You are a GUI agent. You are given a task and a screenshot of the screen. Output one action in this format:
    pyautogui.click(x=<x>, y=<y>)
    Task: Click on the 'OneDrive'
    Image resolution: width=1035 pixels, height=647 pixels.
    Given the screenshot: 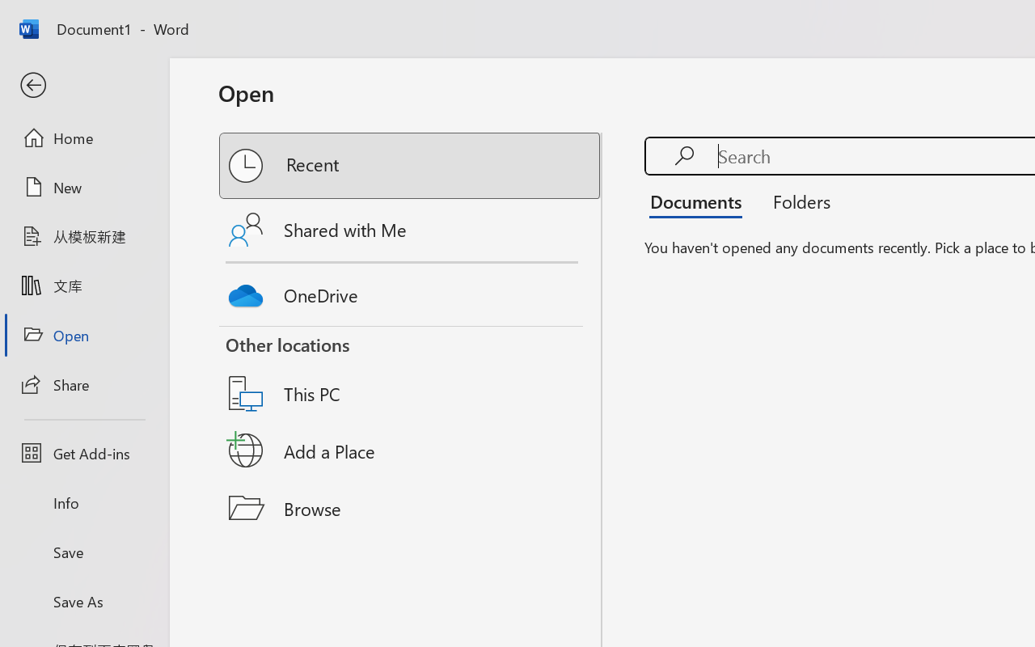 What is the action you would take?
    pyautogui.click(x=411, y=291)
    